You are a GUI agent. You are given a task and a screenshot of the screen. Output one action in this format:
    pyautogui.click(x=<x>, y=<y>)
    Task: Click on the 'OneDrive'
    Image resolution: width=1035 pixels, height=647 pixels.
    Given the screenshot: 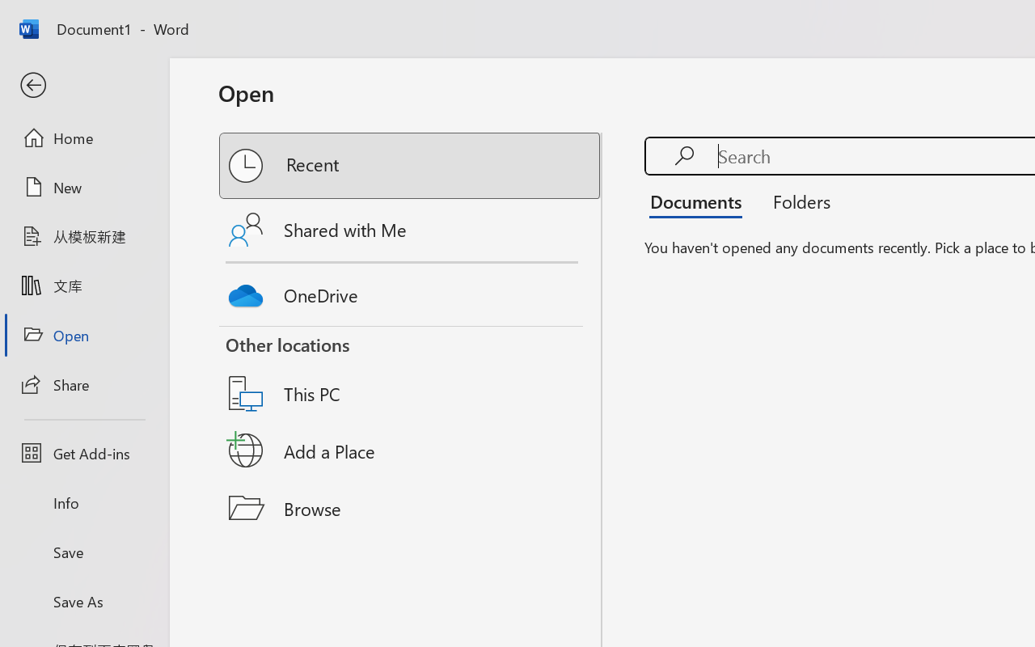 What is the action you would take?
    pyautogui.click(x=411, y=291)
    